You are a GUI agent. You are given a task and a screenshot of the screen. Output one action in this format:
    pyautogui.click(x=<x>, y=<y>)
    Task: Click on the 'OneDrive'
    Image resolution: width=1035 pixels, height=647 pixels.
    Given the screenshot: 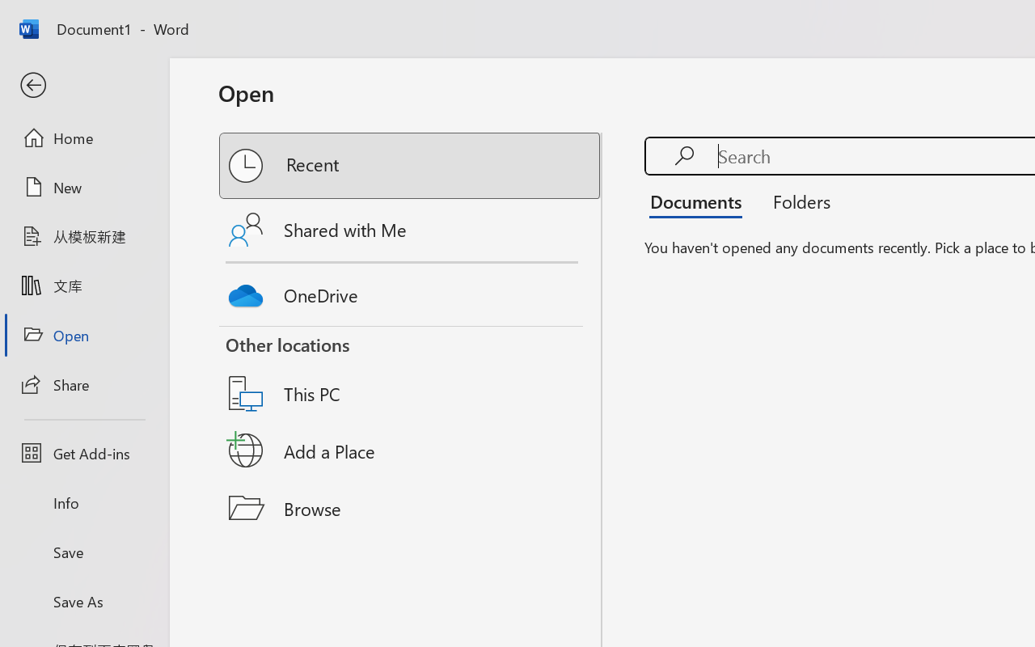 What is the action you would take?
    pyautogui.click(x=411, y=291)
    